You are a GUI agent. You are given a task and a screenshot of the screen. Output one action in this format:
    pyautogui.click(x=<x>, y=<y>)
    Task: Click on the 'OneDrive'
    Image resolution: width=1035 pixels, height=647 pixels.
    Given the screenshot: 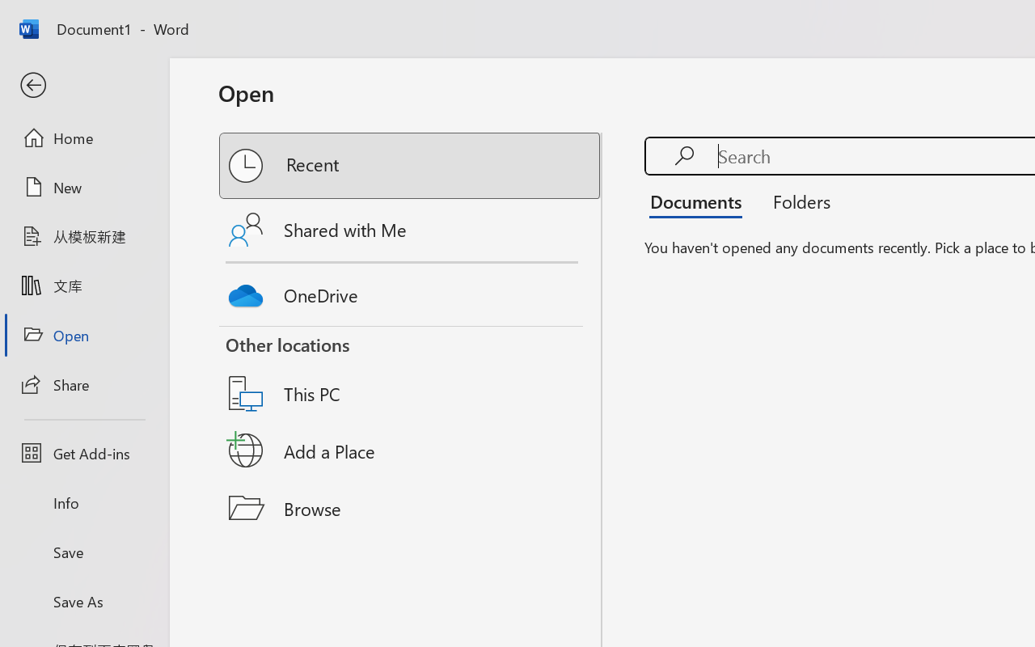 What is the action you would take?
    pyautogui.click(x=411, y=291)
    